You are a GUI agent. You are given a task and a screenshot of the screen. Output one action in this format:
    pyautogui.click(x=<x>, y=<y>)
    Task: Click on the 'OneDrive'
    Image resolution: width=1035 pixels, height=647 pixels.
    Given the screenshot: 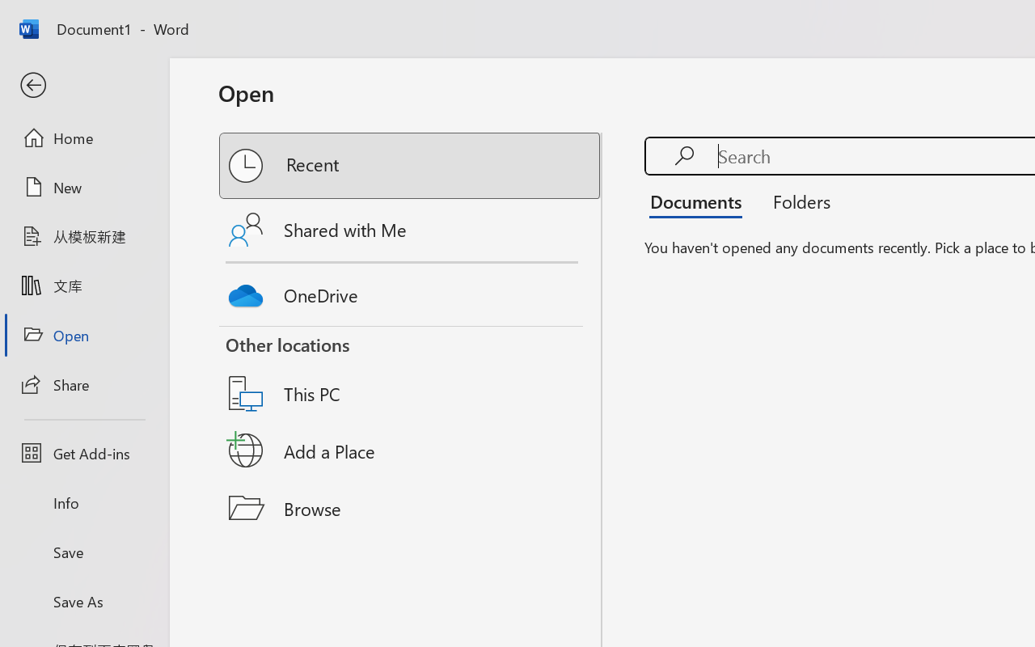 What is the action you would take?
    pyautogui.click(x=411, y=291)
    